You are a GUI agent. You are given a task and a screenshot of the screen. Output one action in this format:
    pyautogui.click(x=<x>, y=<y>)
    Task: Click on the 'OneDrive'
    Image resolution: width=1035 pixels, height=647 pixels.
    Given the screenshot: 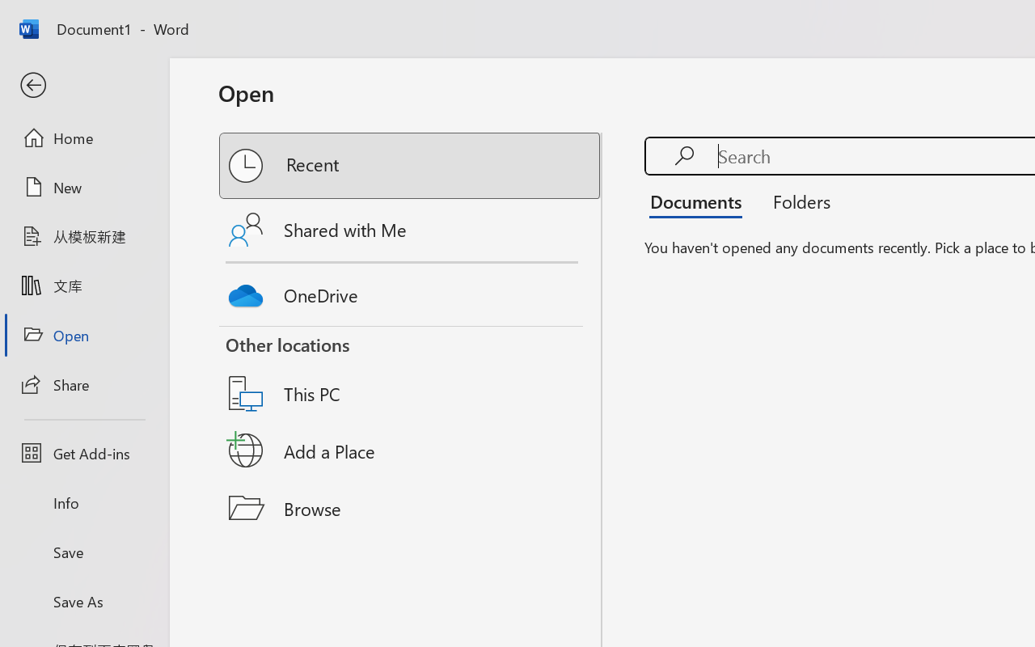 What is the action you would take?
    pyautogui.click(x=411, y=291)
    